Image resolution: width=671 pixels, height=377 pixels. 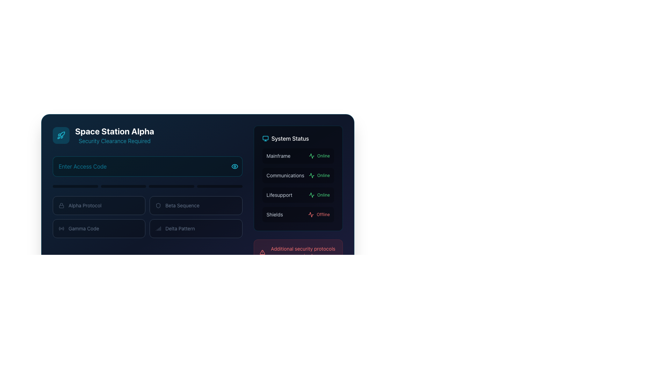 I want to click on the visibility toggle button located to the far right of the 'Enter Access Code' input field, so click(x=235, y=167).